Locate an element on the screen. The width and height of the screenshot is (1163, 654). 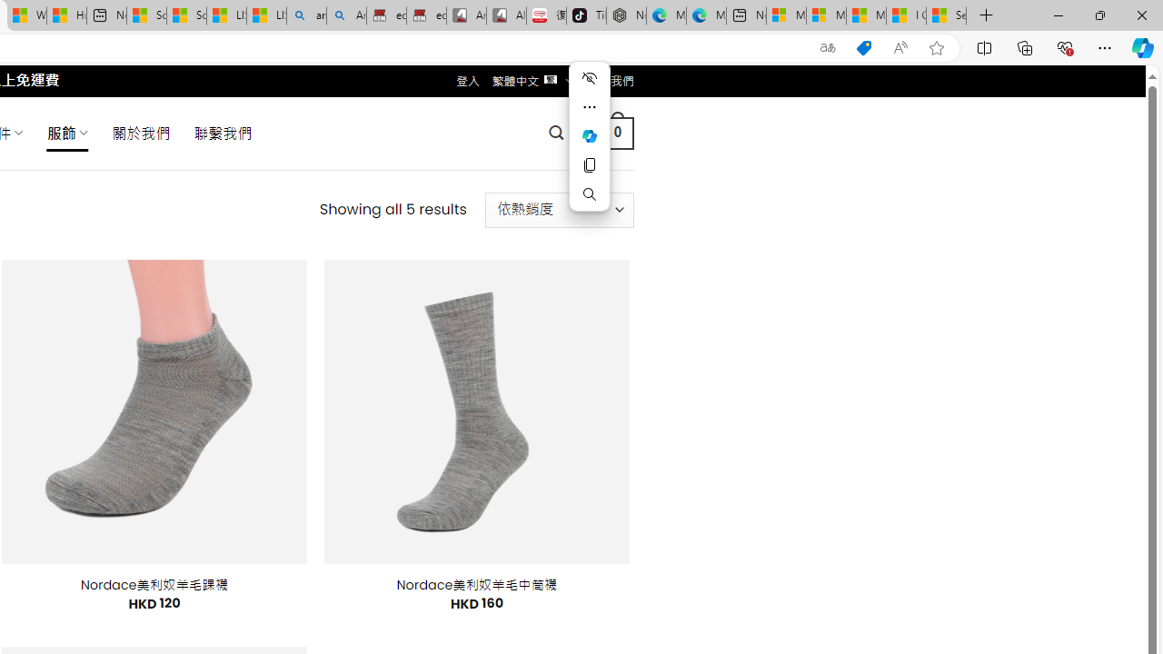
'Amazon Echo Dot PNG - Search Images' is located at coordinates (346, 15).